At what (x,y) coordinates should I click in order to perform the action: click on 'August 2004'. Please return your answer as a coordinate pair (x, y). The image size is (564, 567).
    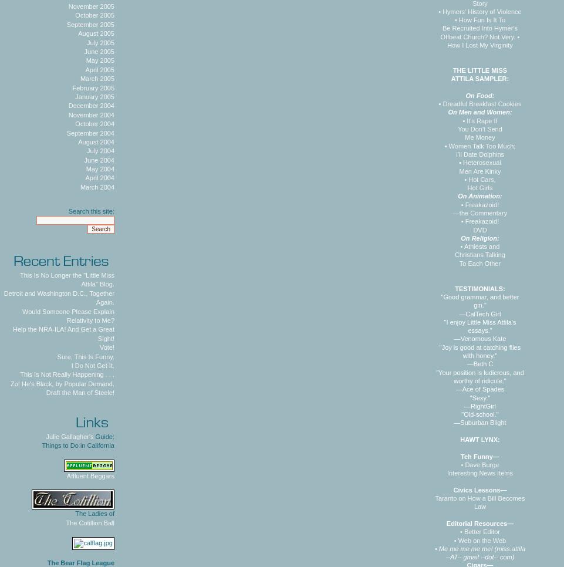
    Looking at the image, I should click on (96, 141).